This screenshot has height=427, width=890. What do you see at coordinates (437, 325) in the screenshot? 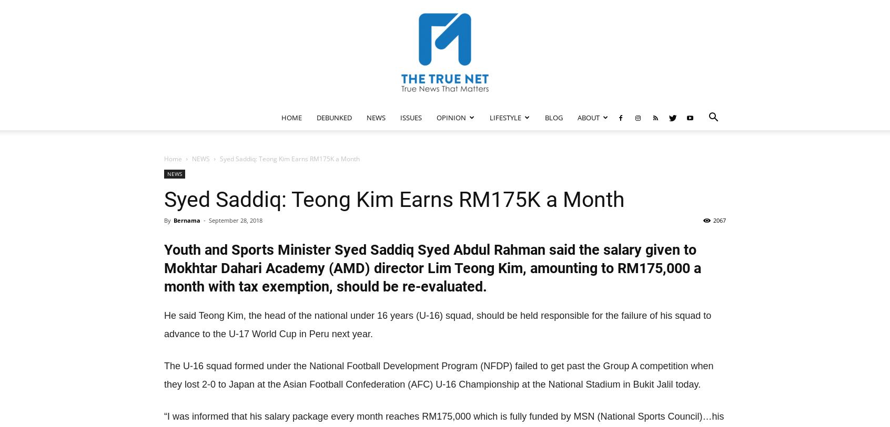
I see `'He said Teong Kim, the head of the national under 16 years (U-16) squad, should be held responsible for the failure of his squad to advance to the U-17 World Cup in Peru next year.'` at bounding box center [437, 325].